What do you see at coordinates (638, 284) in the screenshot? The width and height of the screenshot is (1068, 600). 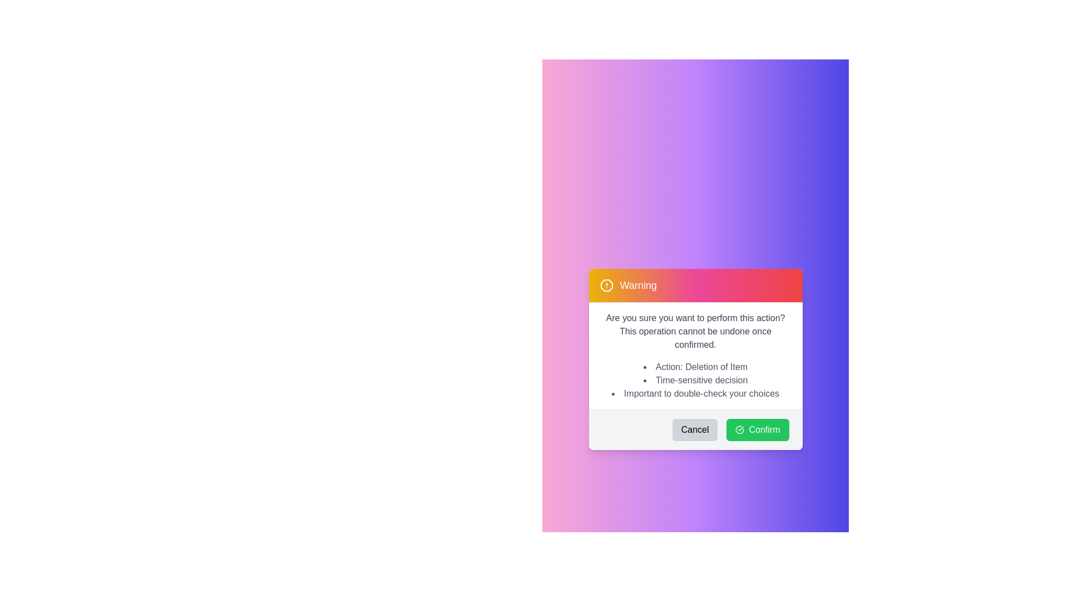 I see `the 'Warning' text label, which is prominently displayed in bold white font against a vibrant gradient background in the header of a warning dialog box` at bounding box center [638, 284].